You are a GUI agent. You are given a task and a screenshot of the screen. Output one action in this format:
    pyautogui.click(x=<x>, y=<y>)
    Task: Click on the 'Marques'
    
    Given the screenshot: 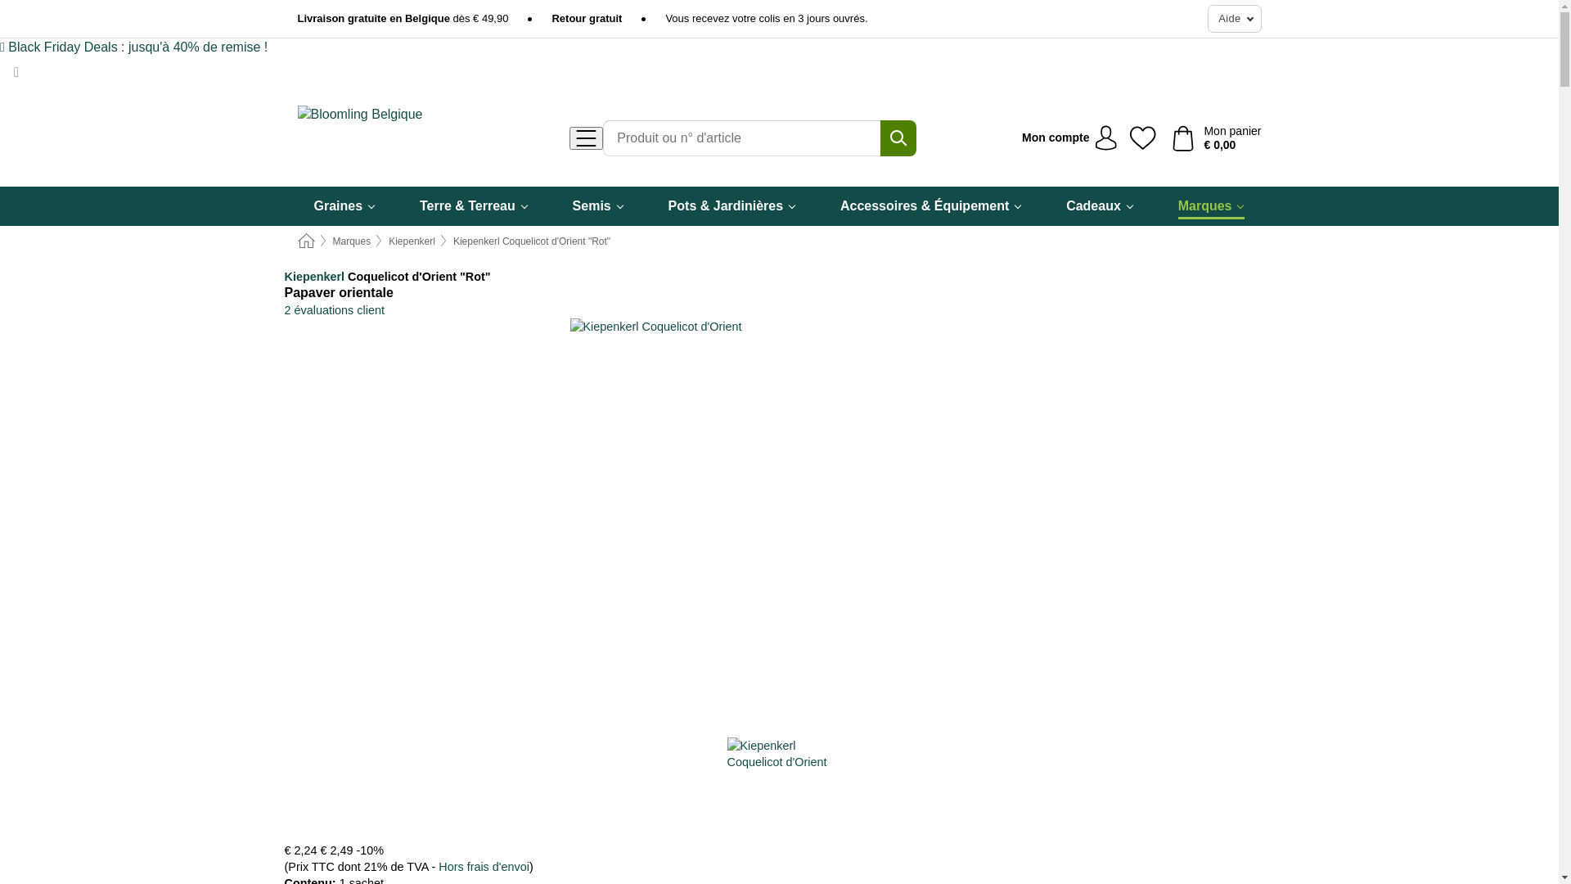 What is the action you would take?
    pyautogui.click(x=331, y=241)
    